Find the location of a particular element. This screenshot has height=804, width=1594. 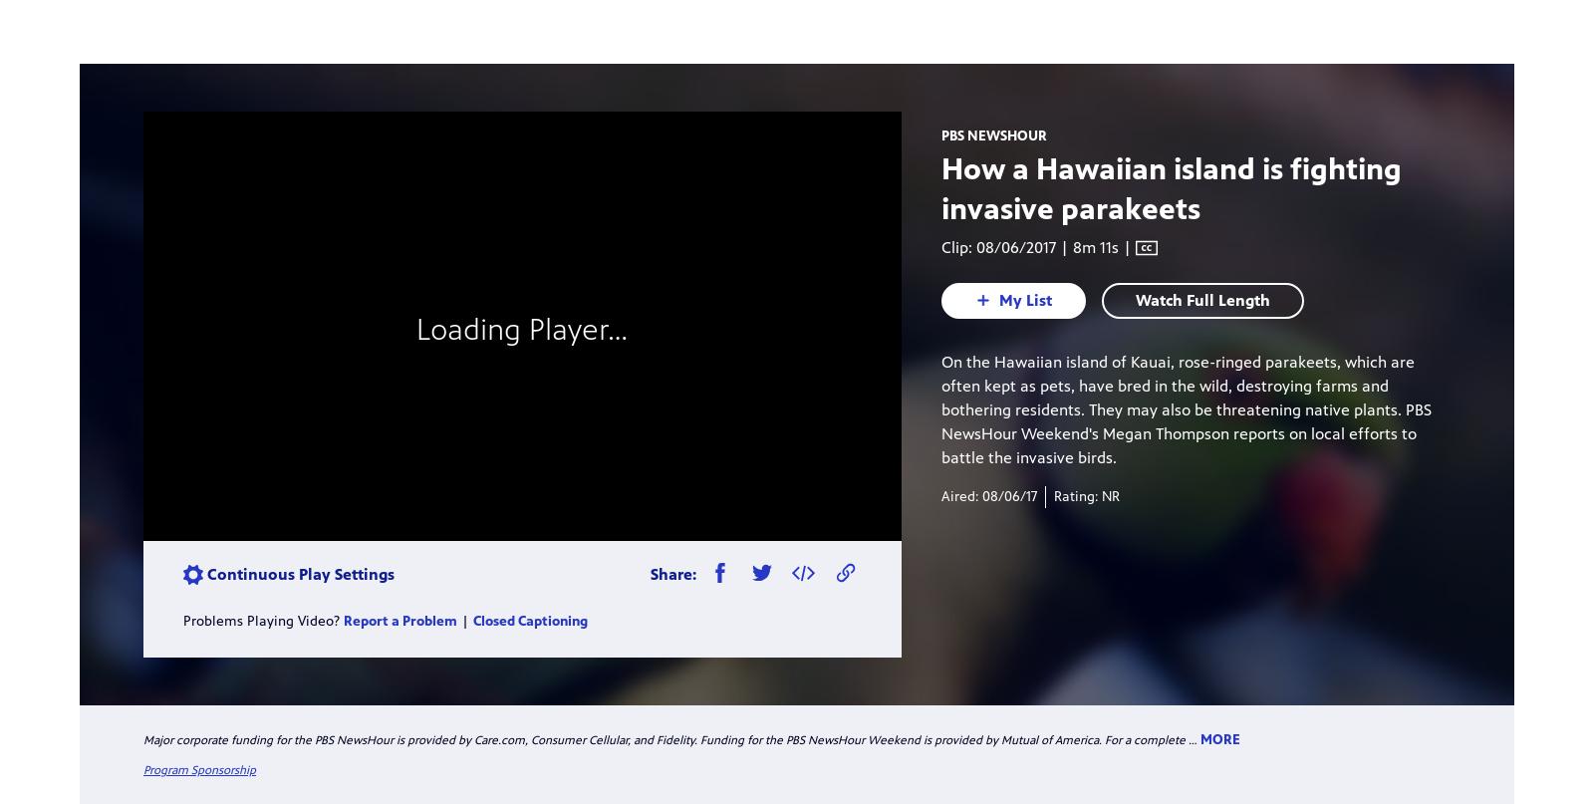

'12/30/2017 | 24m 22s' is located at coordinates (658, 487).